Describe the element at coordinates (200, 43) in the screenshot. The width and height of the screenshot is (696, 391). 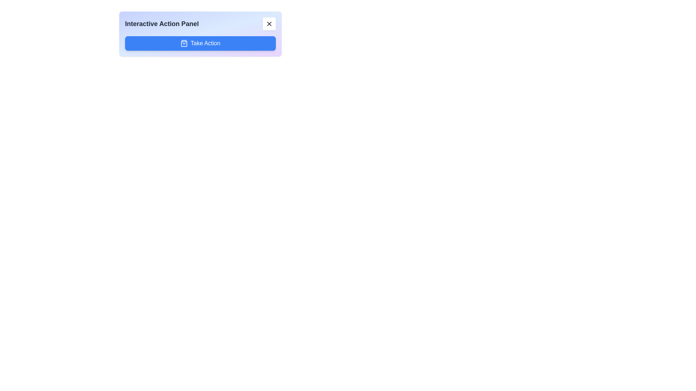
I see `the composite UI label element that combines the 'Take Action' text and a shopping bag icon, indicating its function as a button for initiating a transaction` at that location.